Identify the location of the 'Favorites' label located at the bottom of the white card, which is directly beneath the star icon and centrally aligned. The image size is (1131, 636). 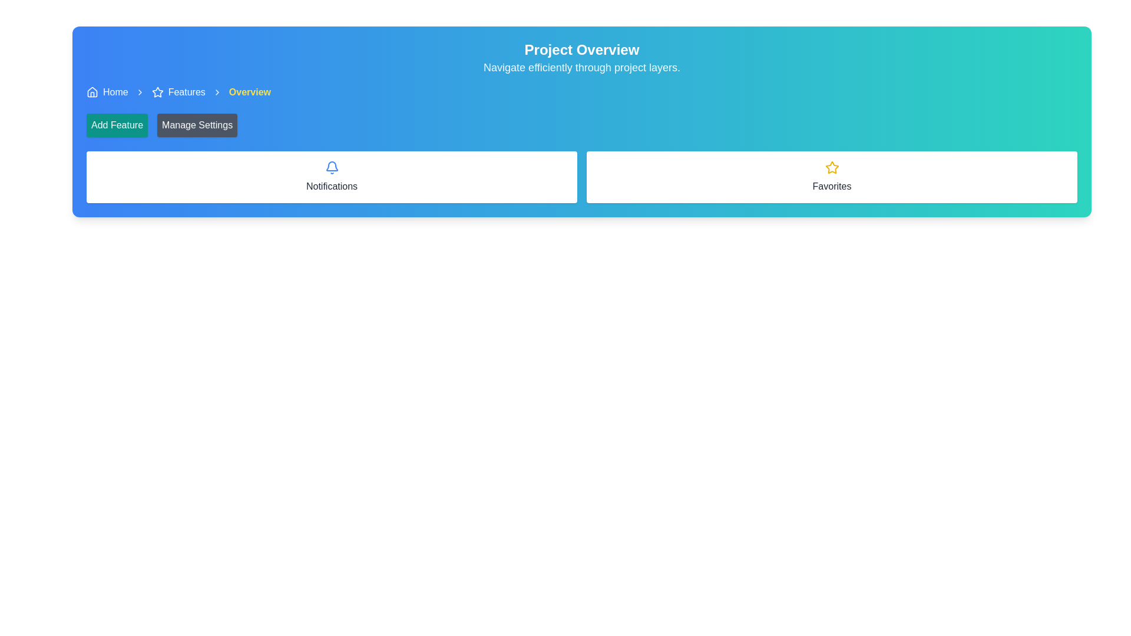
(831, 185).